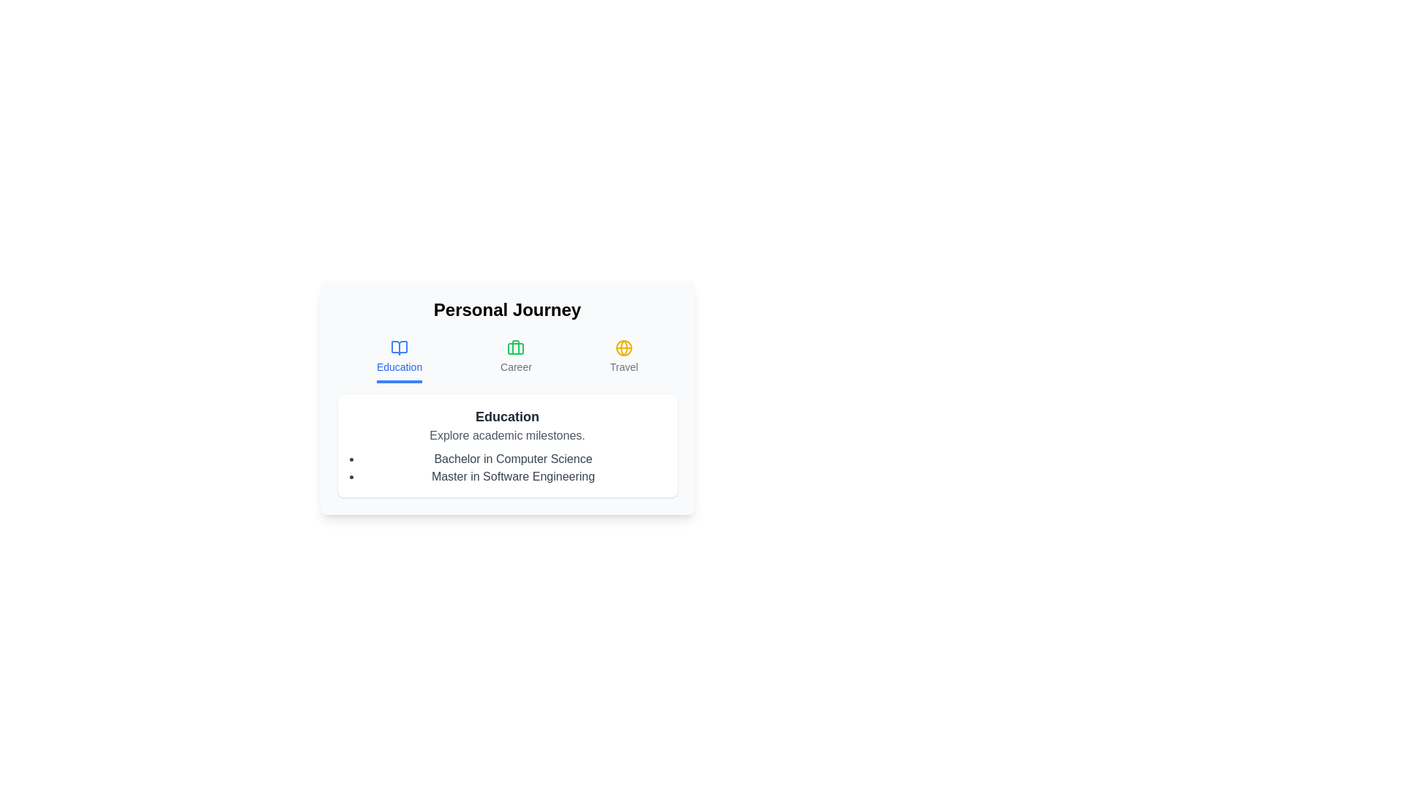 This screenshot has height=790, width=1405. What do you see at coordinates (623, 347) in the screenshot?
I see `the 'Travel' navigation icon, which is the largest graphical component in the 'Travel' section located in the rightmost position of the navigation bar below the 'Personal Journey' header` at bounding box center [623, 347].